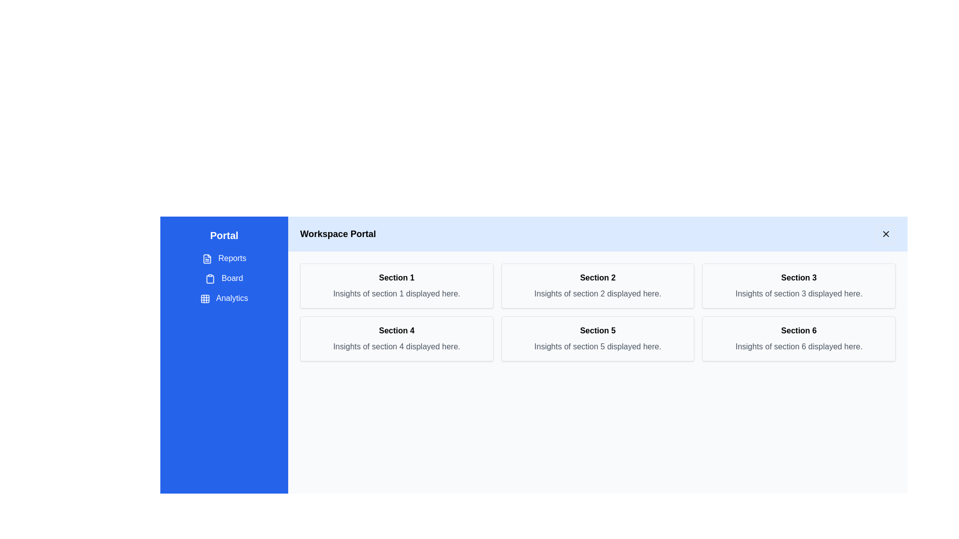  Describe the element at coordinates (224, 235) in the screenshot. I see `the Header title or label located at the top of the blue navigation bar, which serves as the title for the navigation options 'Reports', 'Board', and 'Analytics'` at that location.